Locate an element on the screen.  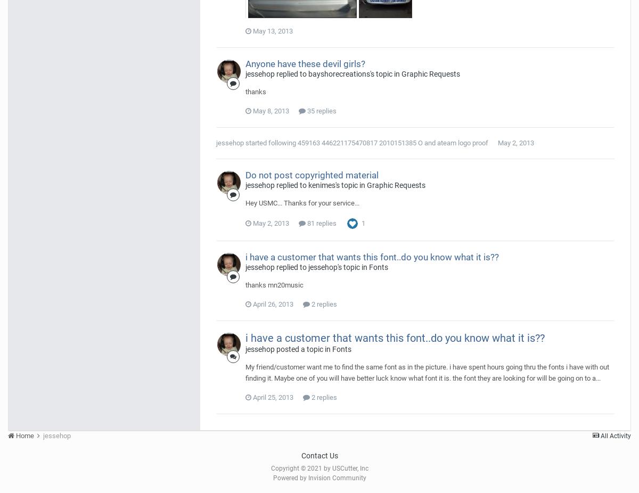
'Home' is located at coordinates (25, 435).